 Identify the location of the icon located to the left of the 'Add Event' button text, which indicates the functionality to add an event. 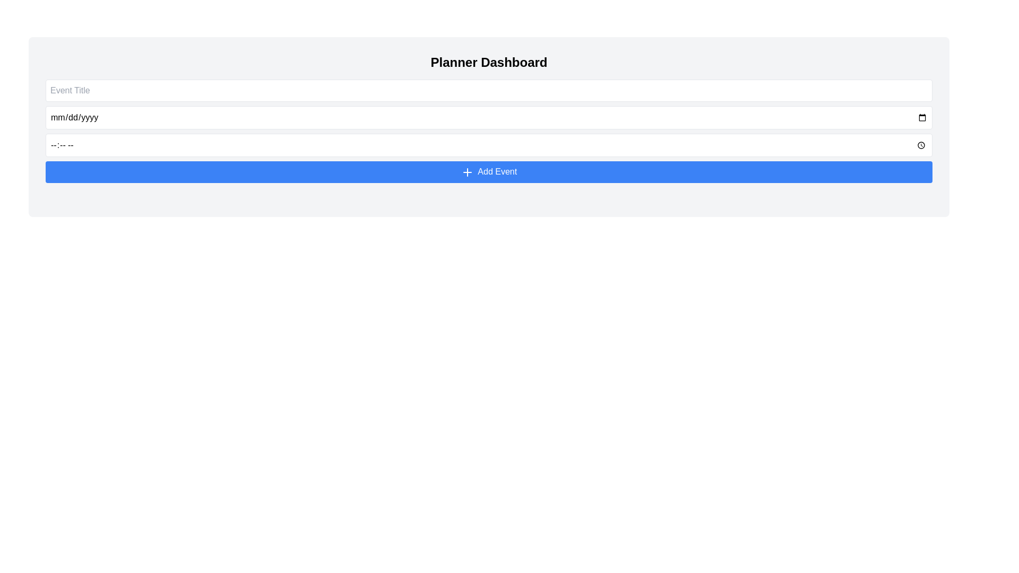
(467, 171).